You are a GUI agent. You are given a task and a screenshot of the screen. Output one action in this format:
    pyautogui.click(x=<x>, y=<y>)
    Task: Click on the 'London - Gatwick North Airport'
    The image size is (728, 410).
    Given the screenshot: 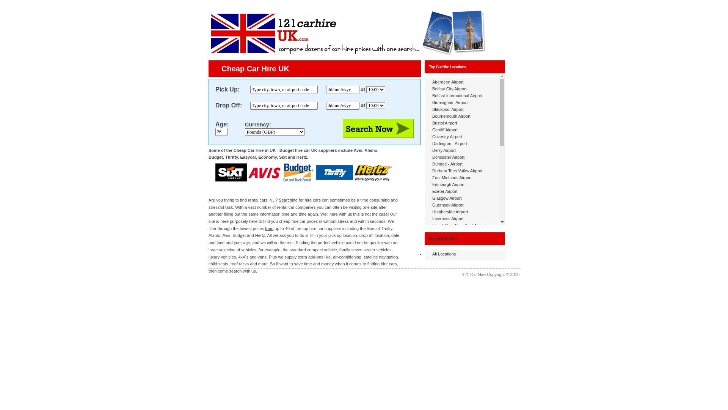 What is the action you would take?
    pyautogui.click(x=460, y=273)
    